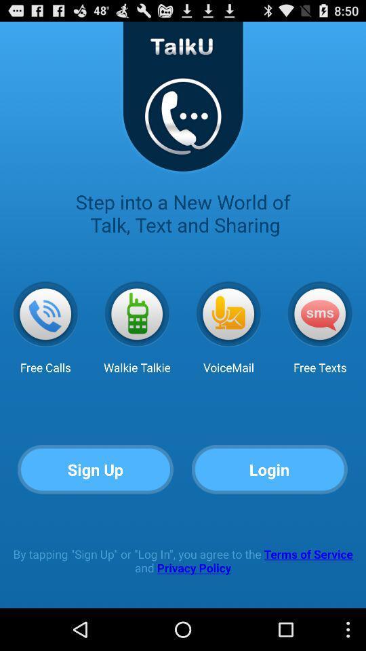 This screenshot has height=651, width=366. Describe the element at coordinates (270, 470) in the screenshot. I see `the item below the voicemail icon` at that location.